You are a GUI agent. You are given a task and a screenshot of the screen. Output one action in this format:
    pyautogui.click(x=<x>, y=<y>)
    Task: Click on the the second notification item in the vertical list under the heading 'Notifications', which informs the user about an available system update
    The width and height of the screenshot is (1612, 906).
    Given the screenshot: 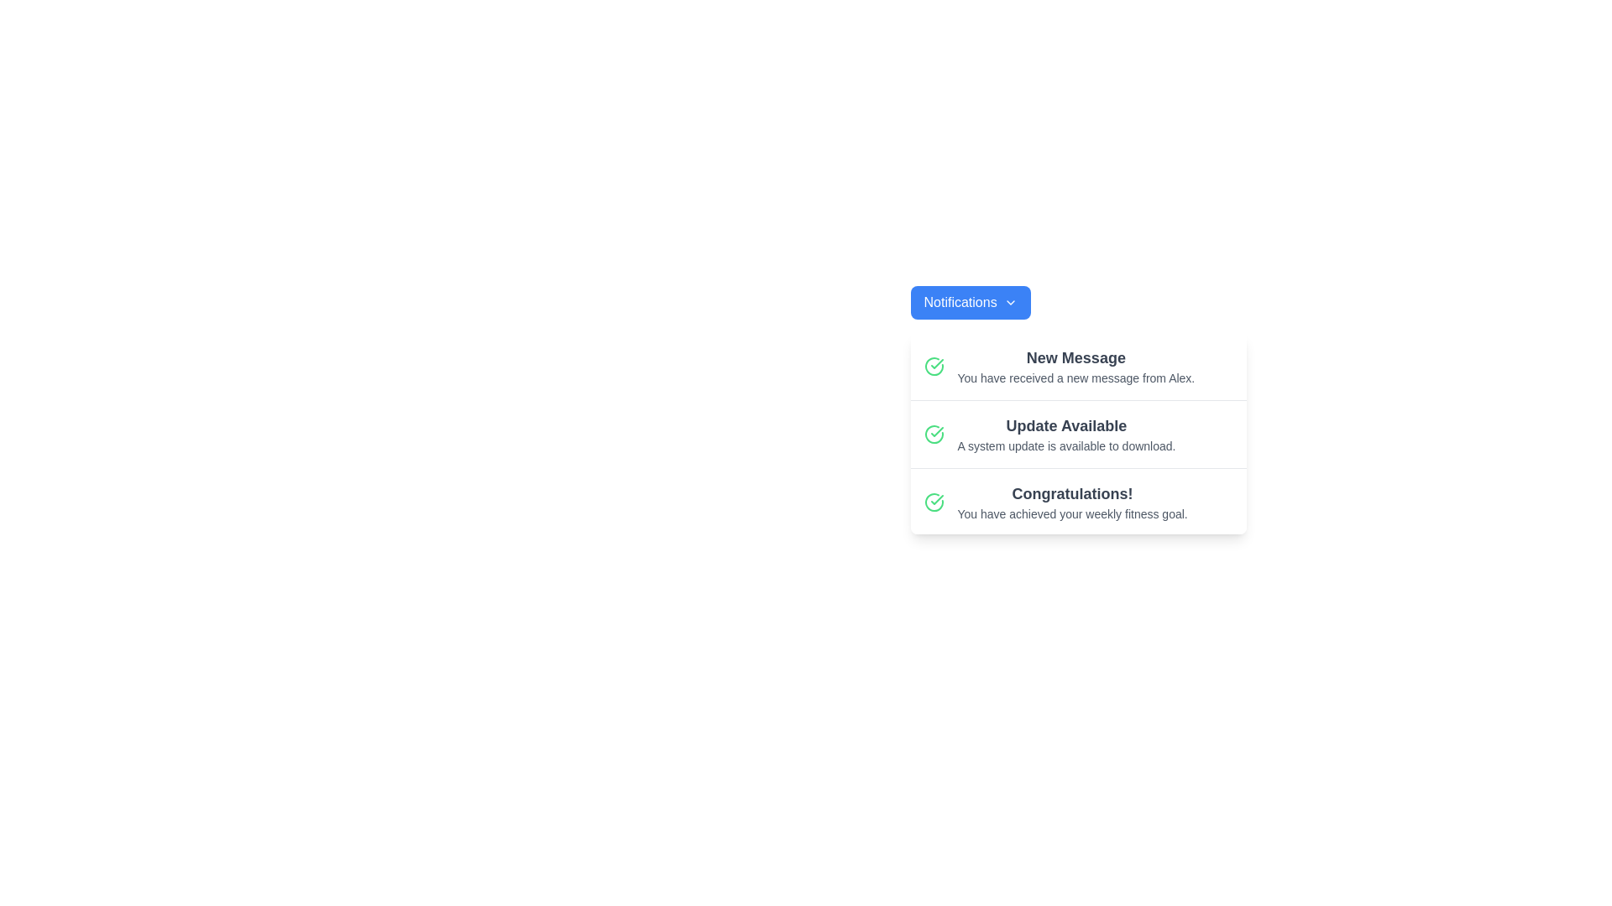 What is the action you would take?
    pyautogui.click(x=1065, y=433)
    